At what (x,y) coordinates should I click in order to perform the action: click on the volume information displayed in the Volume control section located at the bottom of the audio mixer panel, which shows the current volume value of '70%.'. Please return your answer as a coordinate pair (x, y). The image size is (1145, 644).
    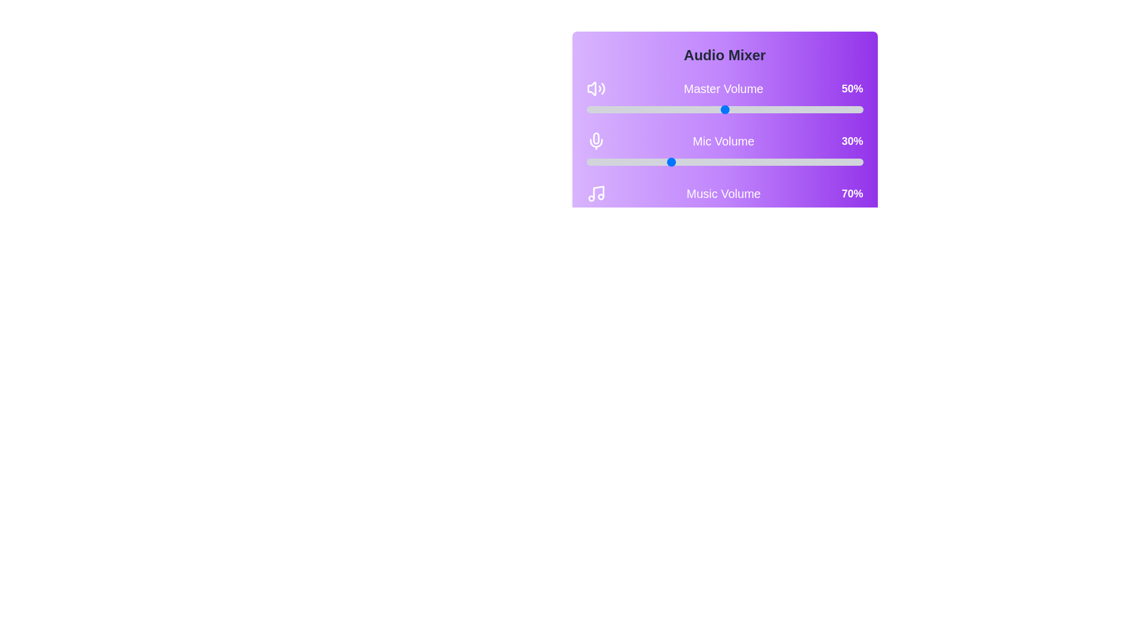
    Looking at the image, I should click on (724, 202).